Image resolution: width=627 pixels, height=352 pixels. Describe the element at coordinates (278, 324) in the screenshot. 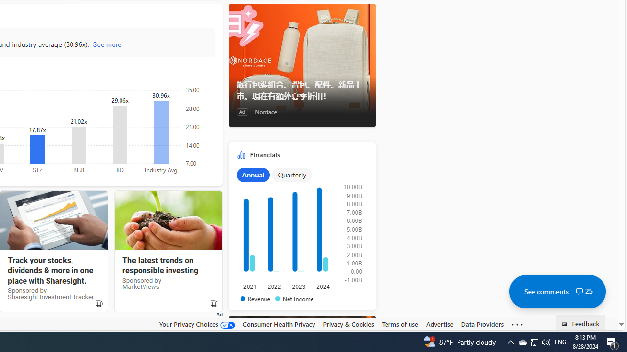

I see `'Consumer Health Privacy'` at that location.